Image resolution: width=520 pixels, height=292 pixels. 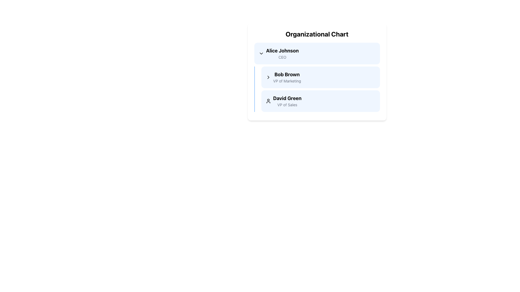 I want to click on the text label reading 'VP of Sales' located below 'David Green' in the organizational chart, which is styled in a smaller font size and subdued gray color, so click(x=287, y=105).